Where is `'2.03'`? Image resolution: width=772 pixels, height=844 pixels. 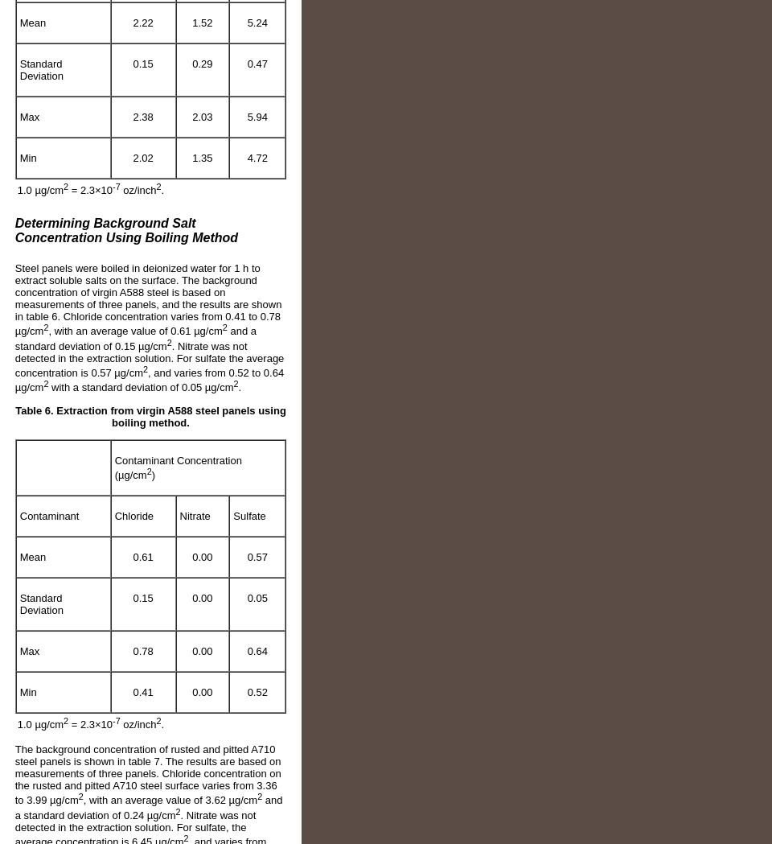 '2.03' is located at coordinates (201, 117).